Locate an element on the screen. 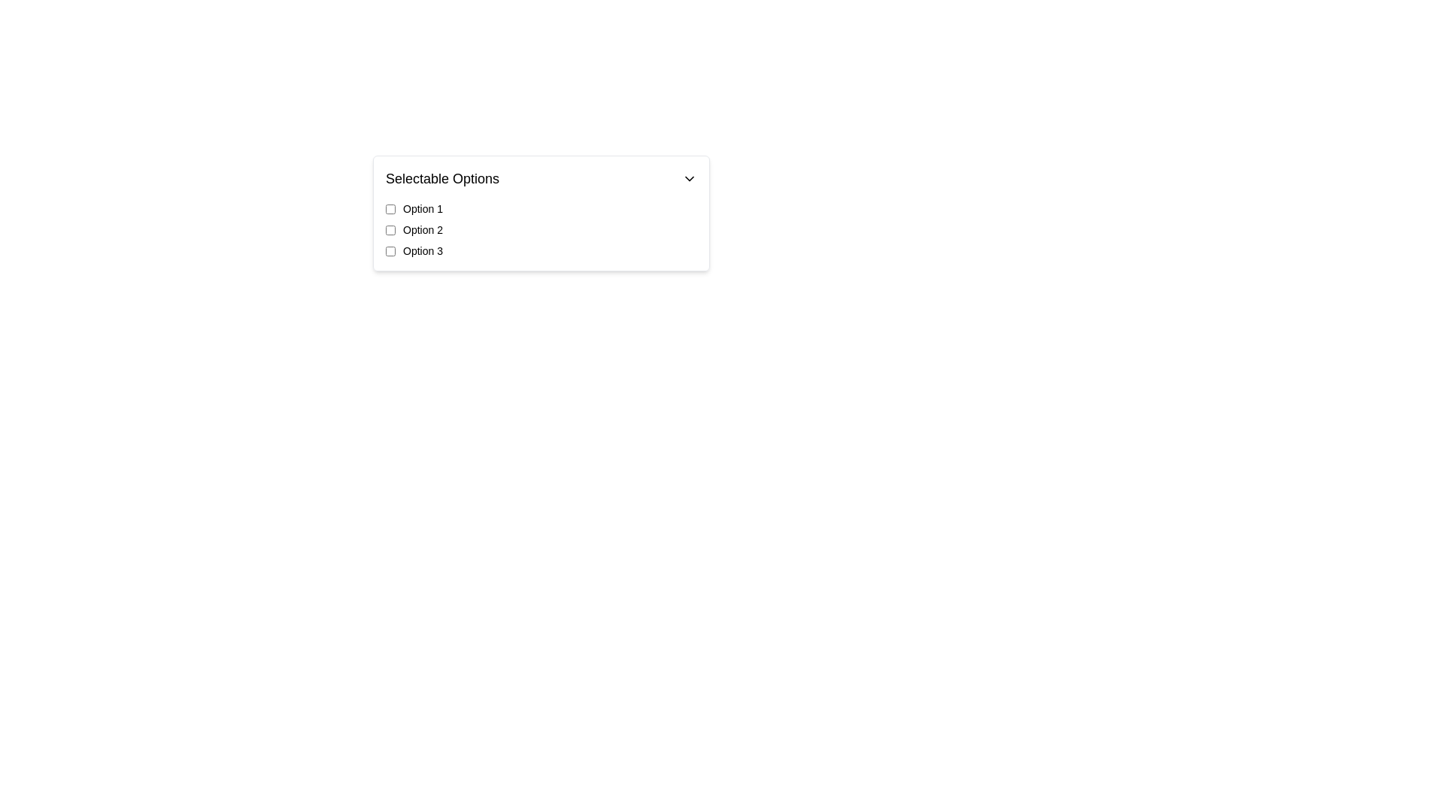 The width and height of the screenshot is (1444, 812). the unmarked checkbox aligned to the left of the label 'Option 3' is located at coordinates (390, 250).